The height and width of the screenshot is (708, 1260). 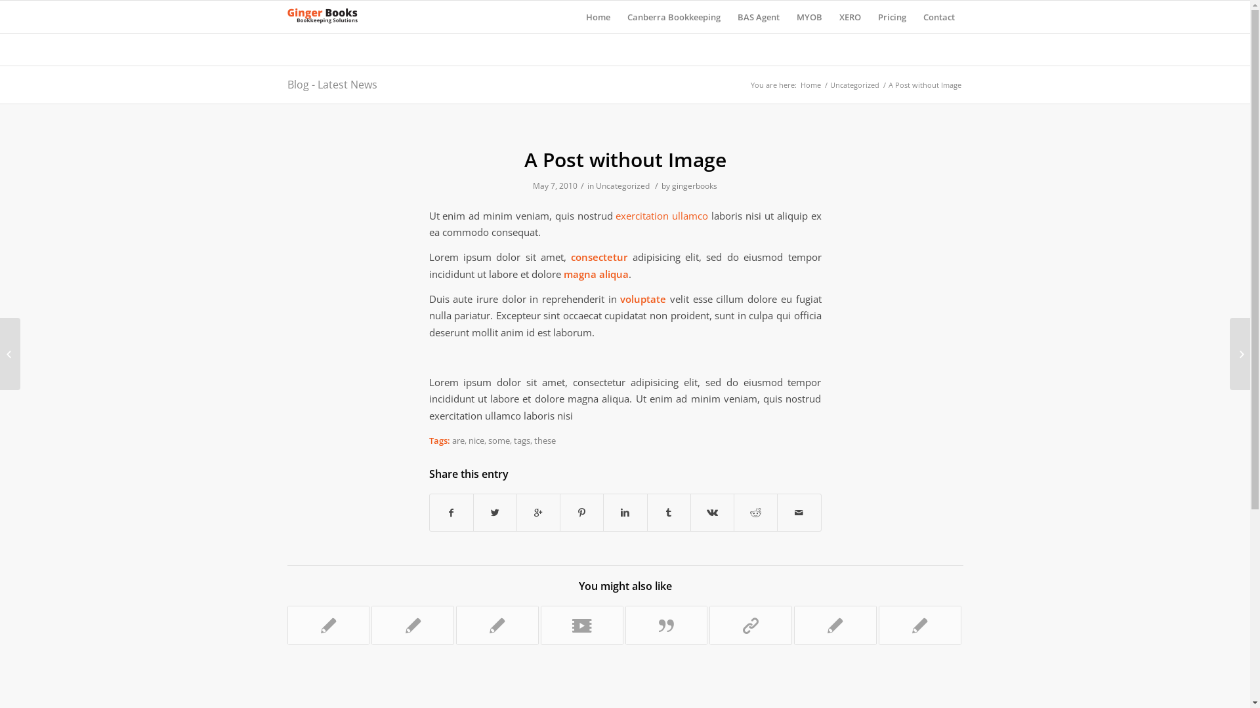 I want to click on 'Blog - Latest News', so click(x=332, y=84).